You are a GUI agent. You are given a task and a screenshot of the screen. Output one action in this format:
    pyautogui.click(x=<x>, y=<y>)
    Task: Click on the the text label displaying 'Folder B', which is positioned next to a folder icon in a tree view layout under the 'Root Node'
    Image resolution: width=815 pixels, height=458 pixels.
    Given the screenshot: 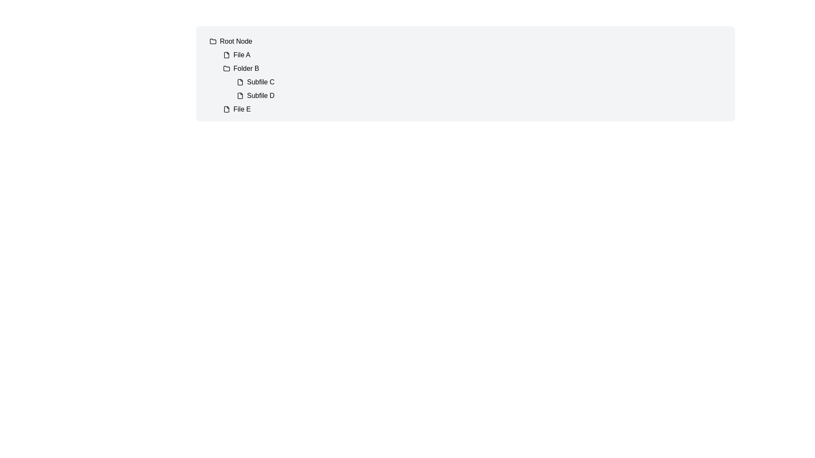 What is the action you would take?
    pyautogui.click(x=246, y=68)
    